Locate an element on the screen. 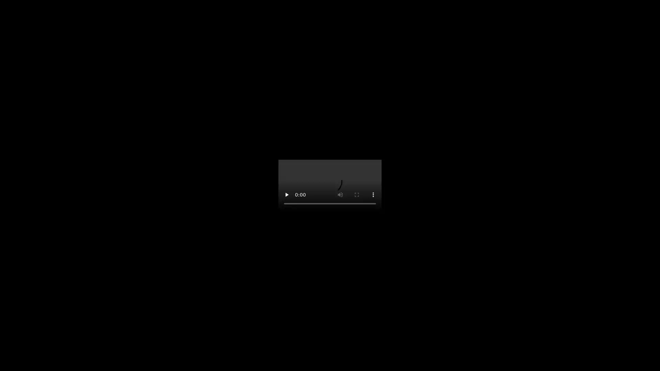  mute is located at coordinates (361, 201).